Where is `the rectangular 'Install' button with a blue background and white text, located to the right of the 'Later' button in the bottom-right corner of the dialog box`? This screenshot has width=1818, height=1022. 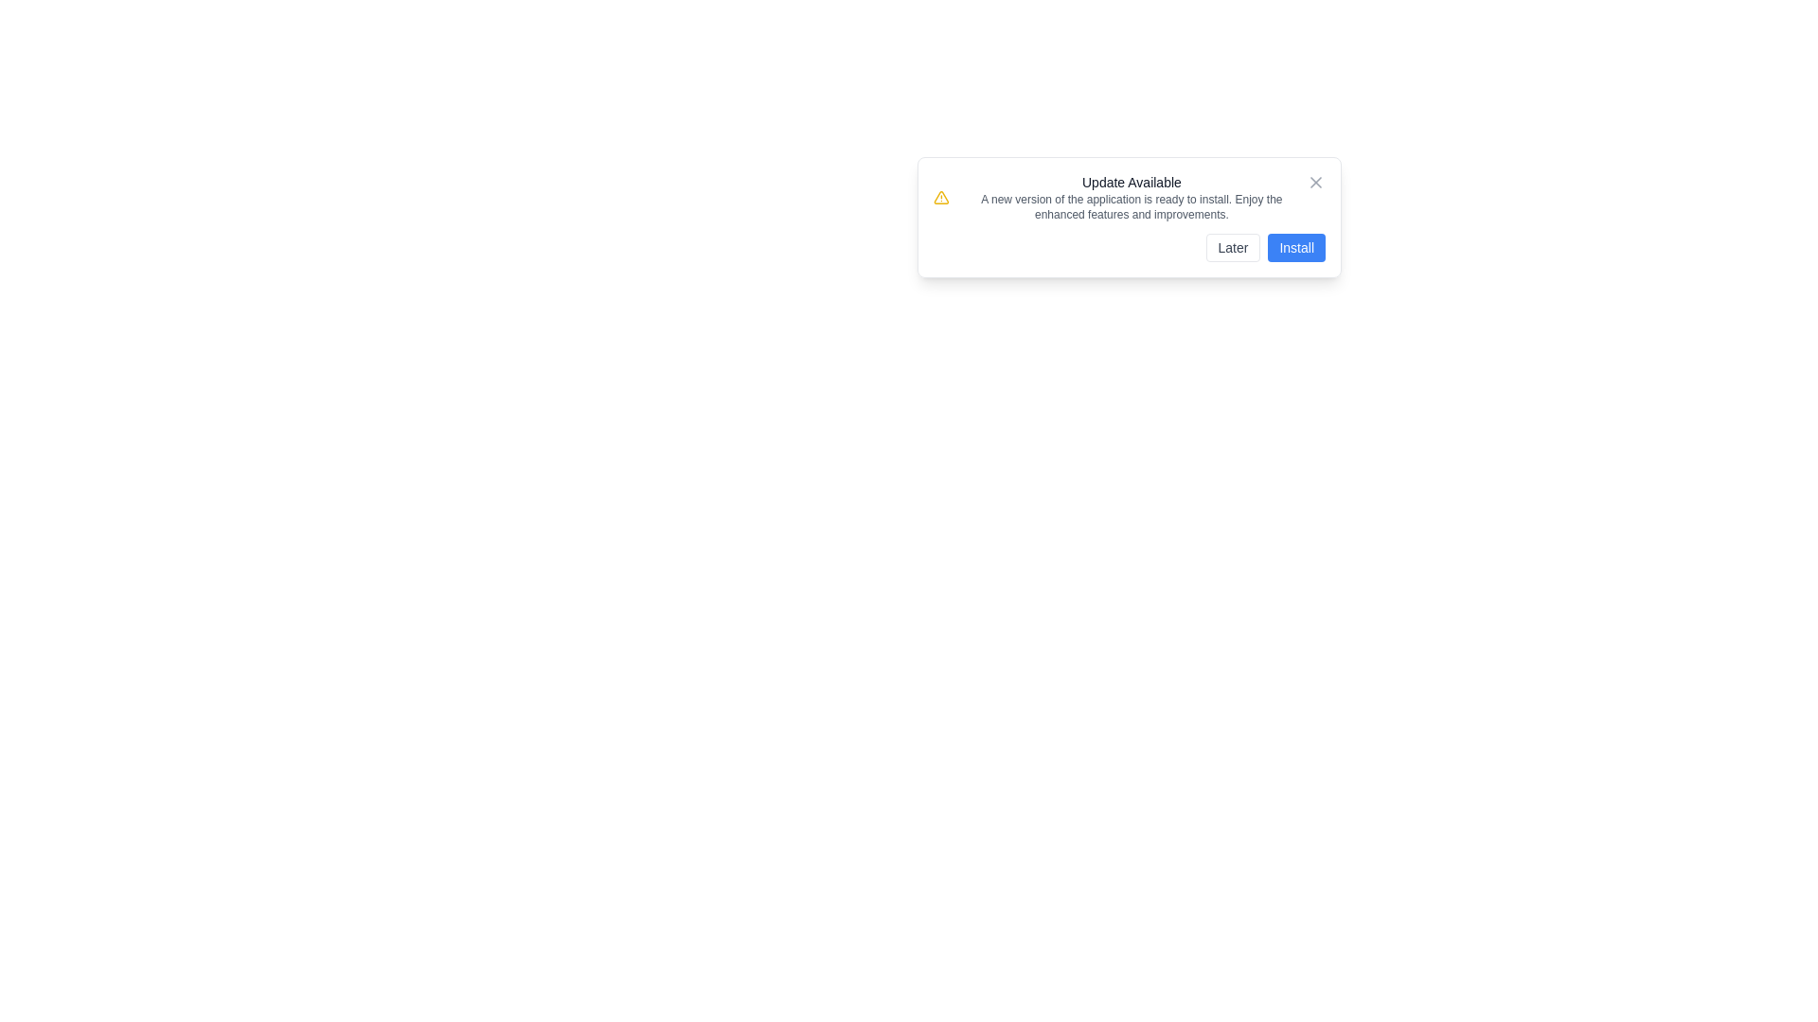
the rectangular 'Install' button with a blue background and white text, located to the right of the 'Later' button in the bottom-right corner of the dialog box is located at coordinates (1295, 247).